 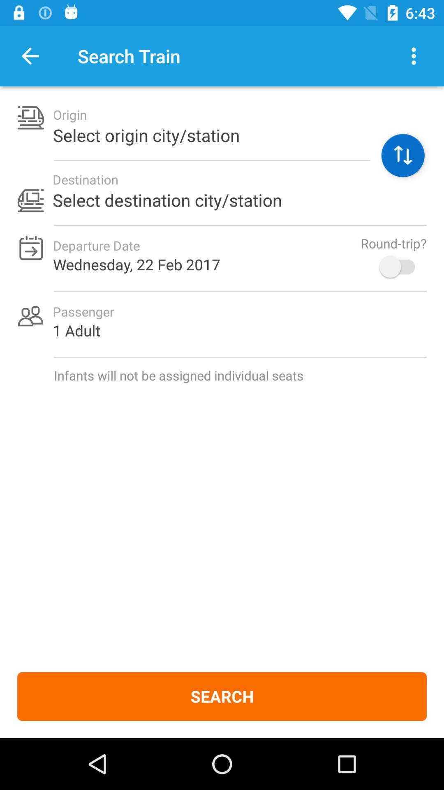 What do you see at coordinates (402, 156) in the screenshot?
I see `item to the right of select origin city` at bounding box center [402, 156].